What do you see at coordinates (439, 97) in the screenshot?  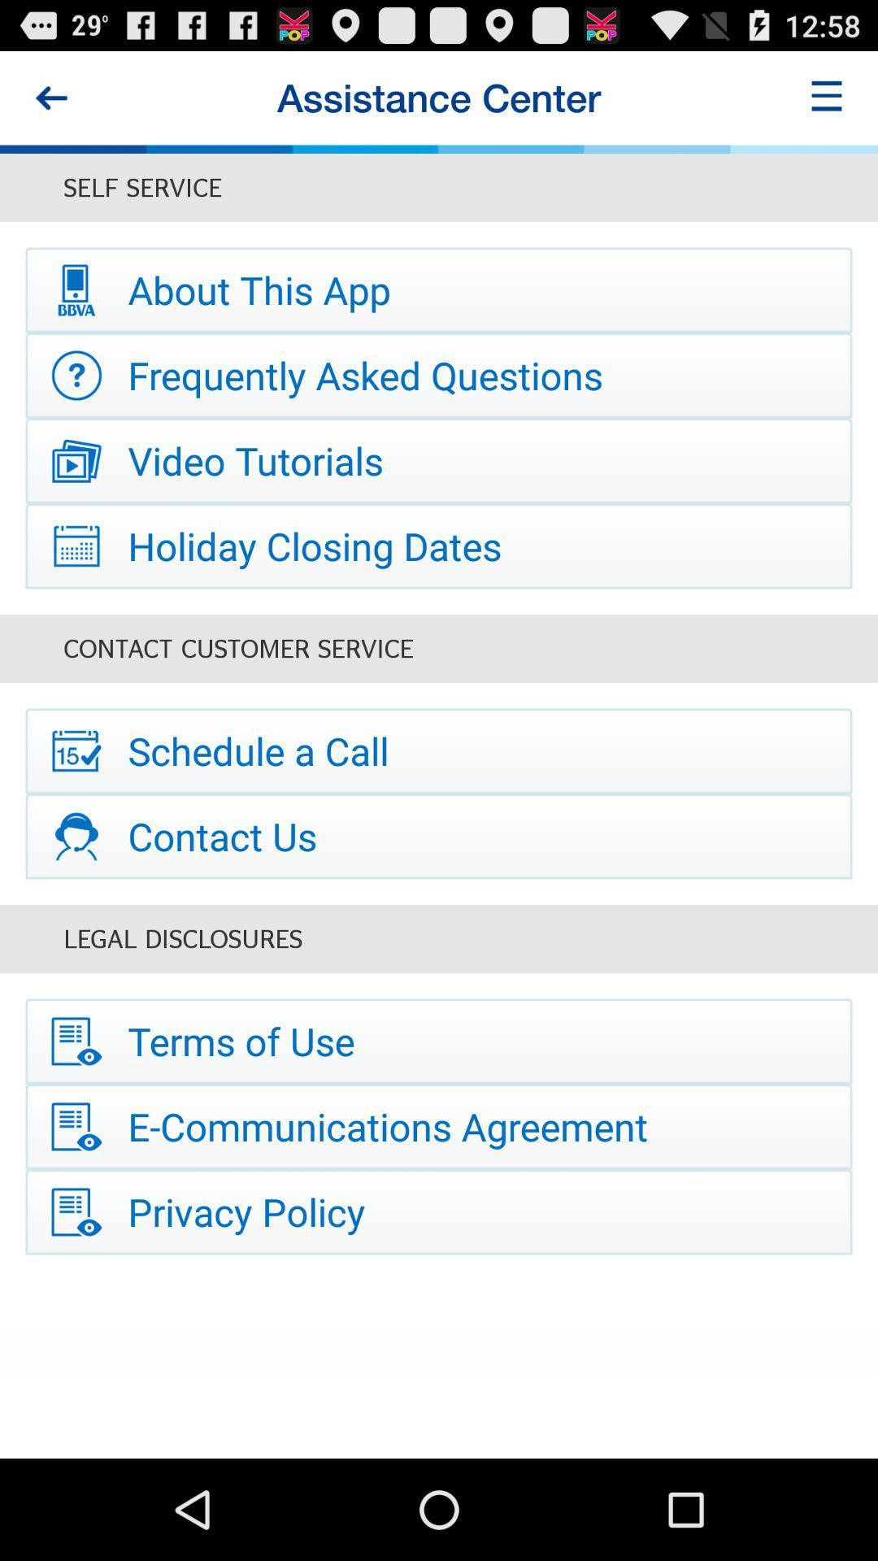 I see `the assistance center item` at bounding box center [439, 97].